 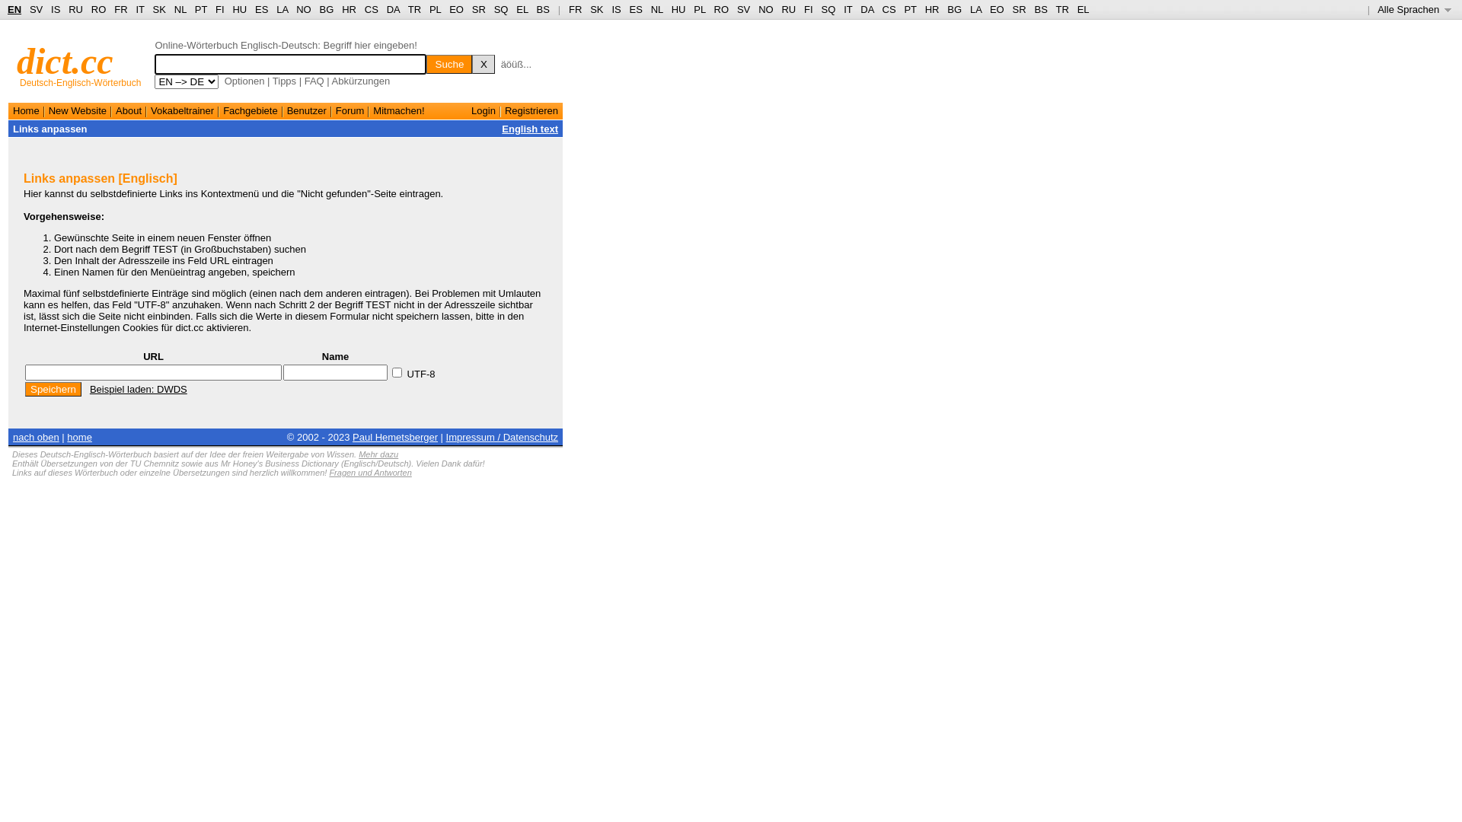 What do you see at coordinates (17, 60) in the screenshot?
I see `'dict.cc'` at bounding box center [17, 60].